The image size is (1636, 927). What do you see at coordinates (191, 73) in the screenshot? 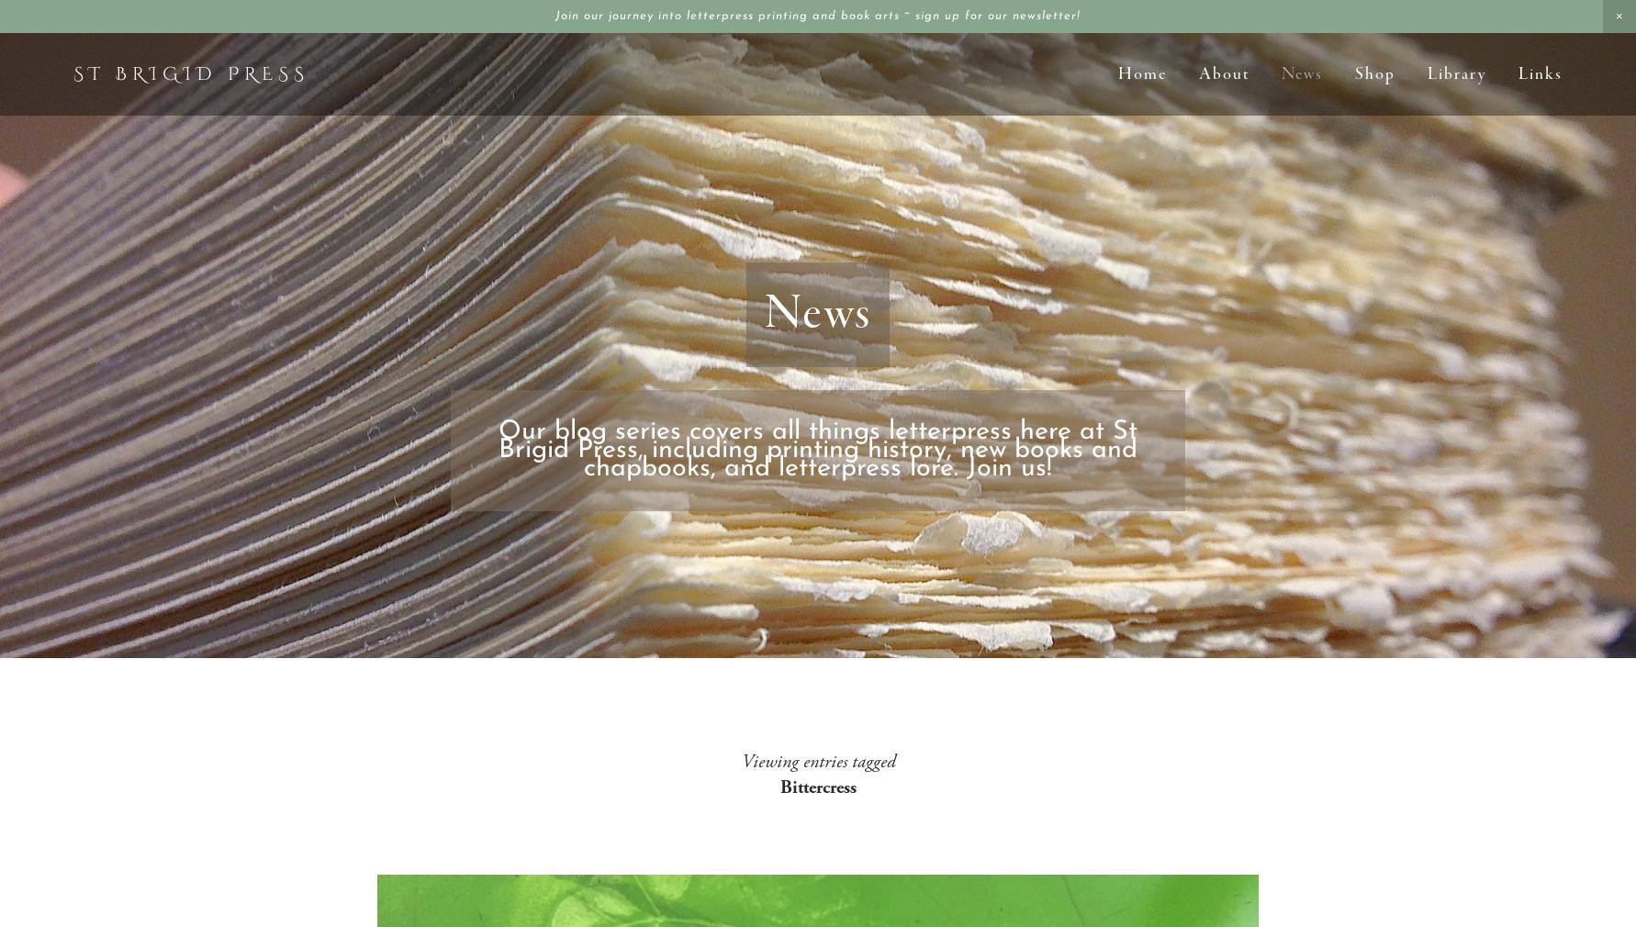
I see `'St Brigid Press'` at bounding box center [191, 73].